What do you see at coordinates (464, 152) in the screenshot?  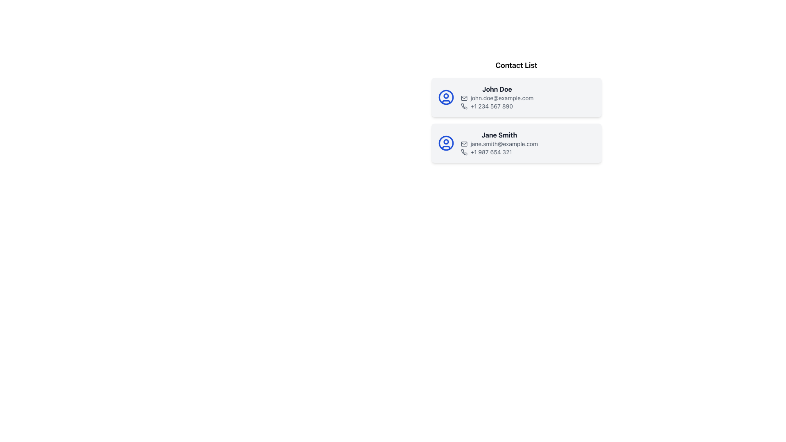 I see `the decorative phone handset vector icon located in the second contact card, positioned to the left of the phone number for Jane Smith` at bounding box center [464, 152].